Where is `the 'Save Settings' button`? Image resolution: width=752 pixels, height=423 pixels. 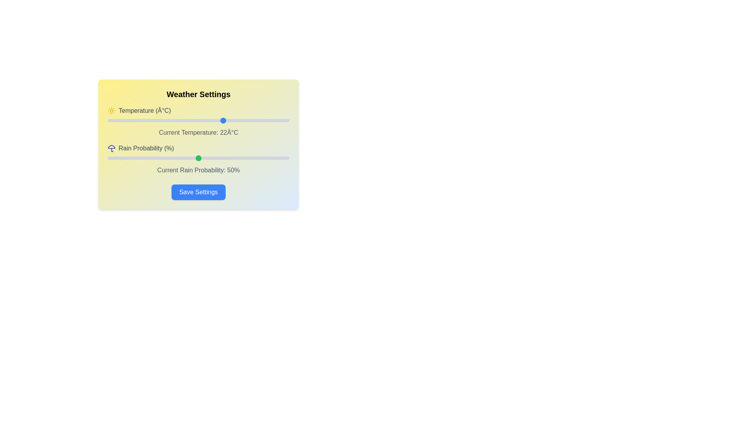 the 'Save Settings' button is located at coordinates (199, 192).